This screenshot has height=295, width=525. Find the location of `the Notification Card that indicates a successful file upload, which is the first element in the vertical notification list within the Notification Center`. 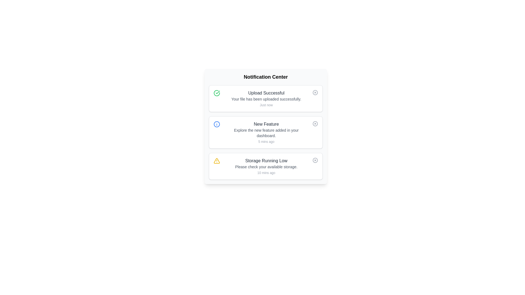

the Notification Card that indicates a successful file upload, which is the first element in the vertical notification list within the Notification Center is located at coordinates (266, 99).